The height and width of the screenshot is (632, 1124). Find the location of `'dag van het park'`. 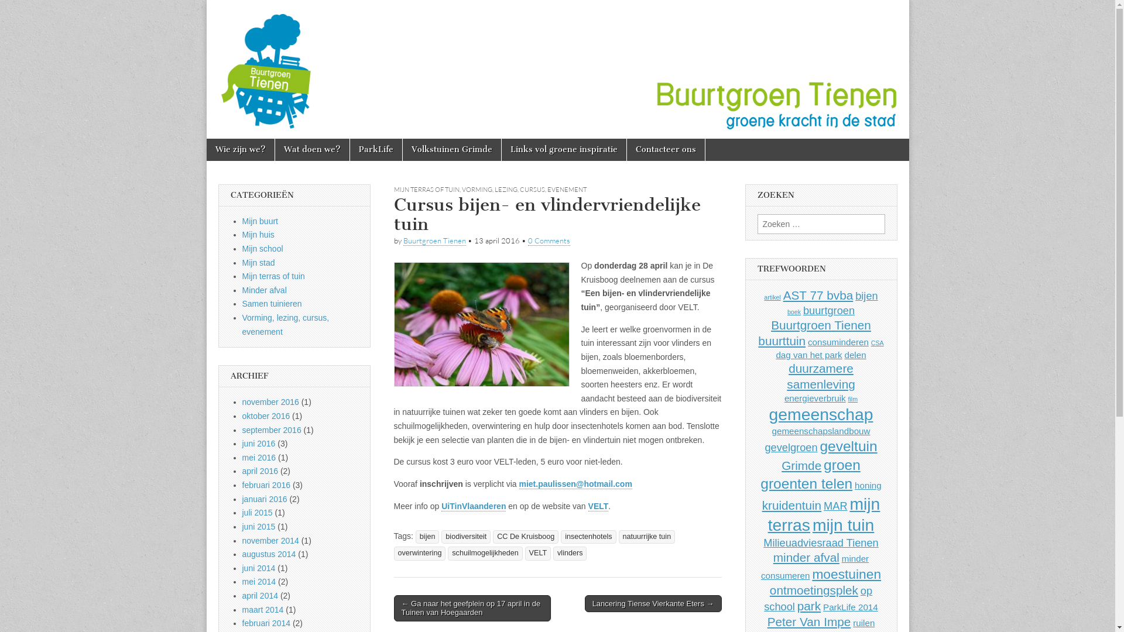

'dag van het park' is located at coordinates (808, 354).